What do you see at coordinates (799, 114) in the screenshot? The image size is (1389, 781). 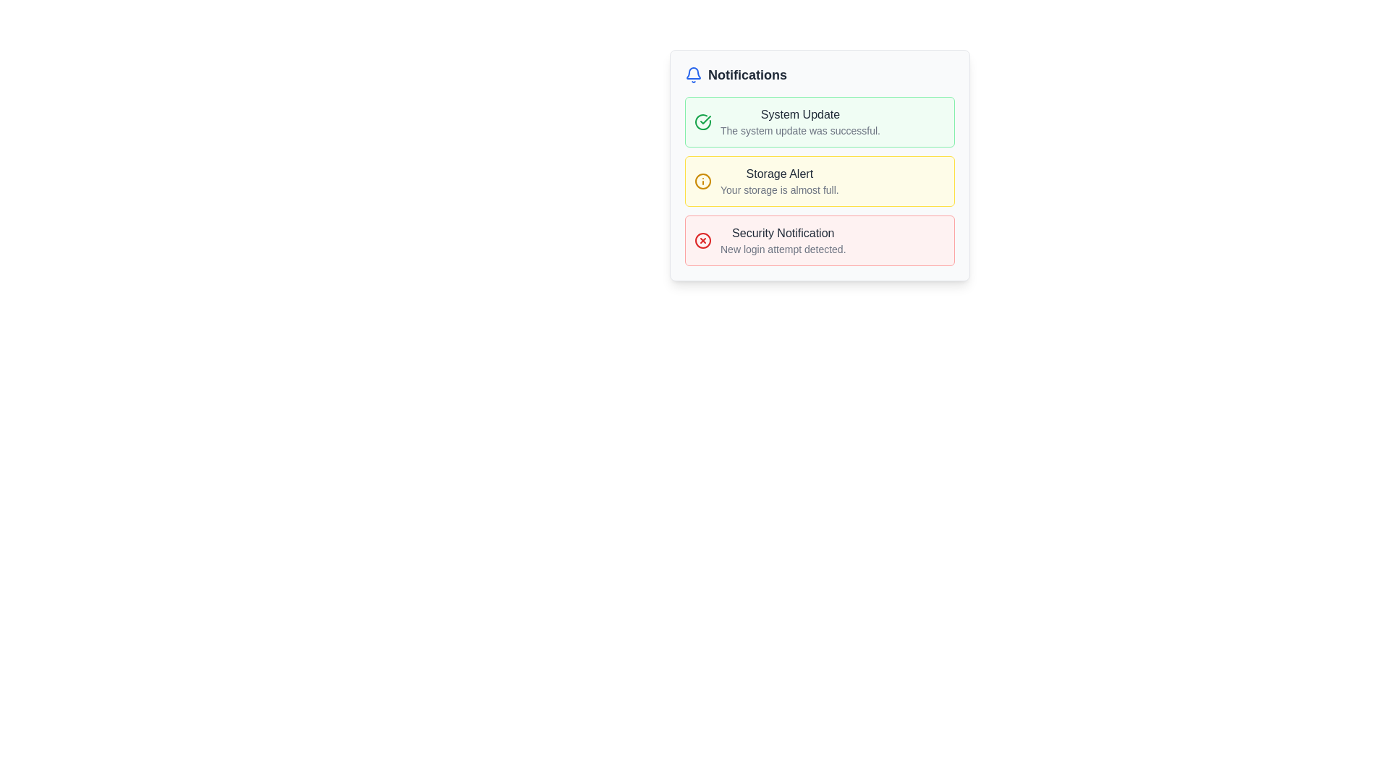 I see `text displayed in the 'System Update' text label, which has a medium font weight and dark gray color against a light green background in the first notification card` at bounding box center [799, 114].